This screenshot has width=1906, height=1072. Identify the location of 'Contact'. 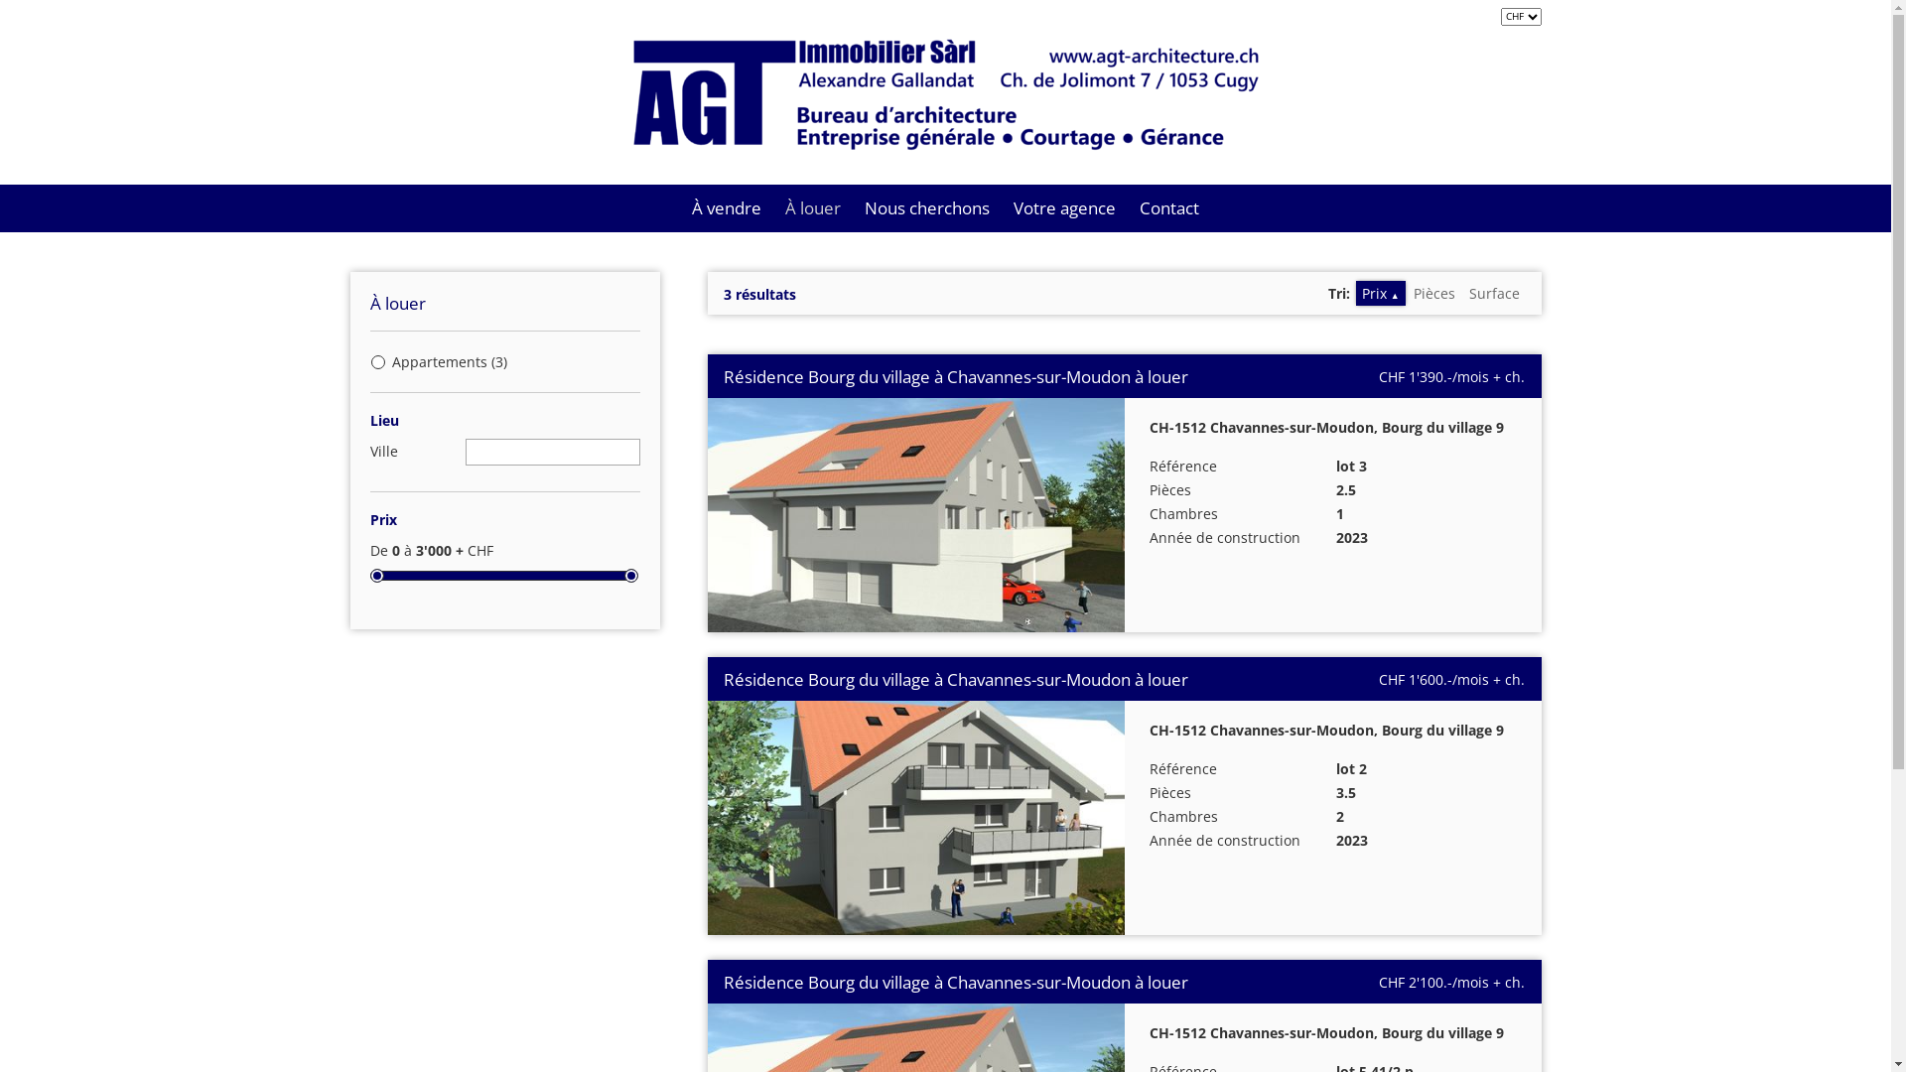
(1168, 207).